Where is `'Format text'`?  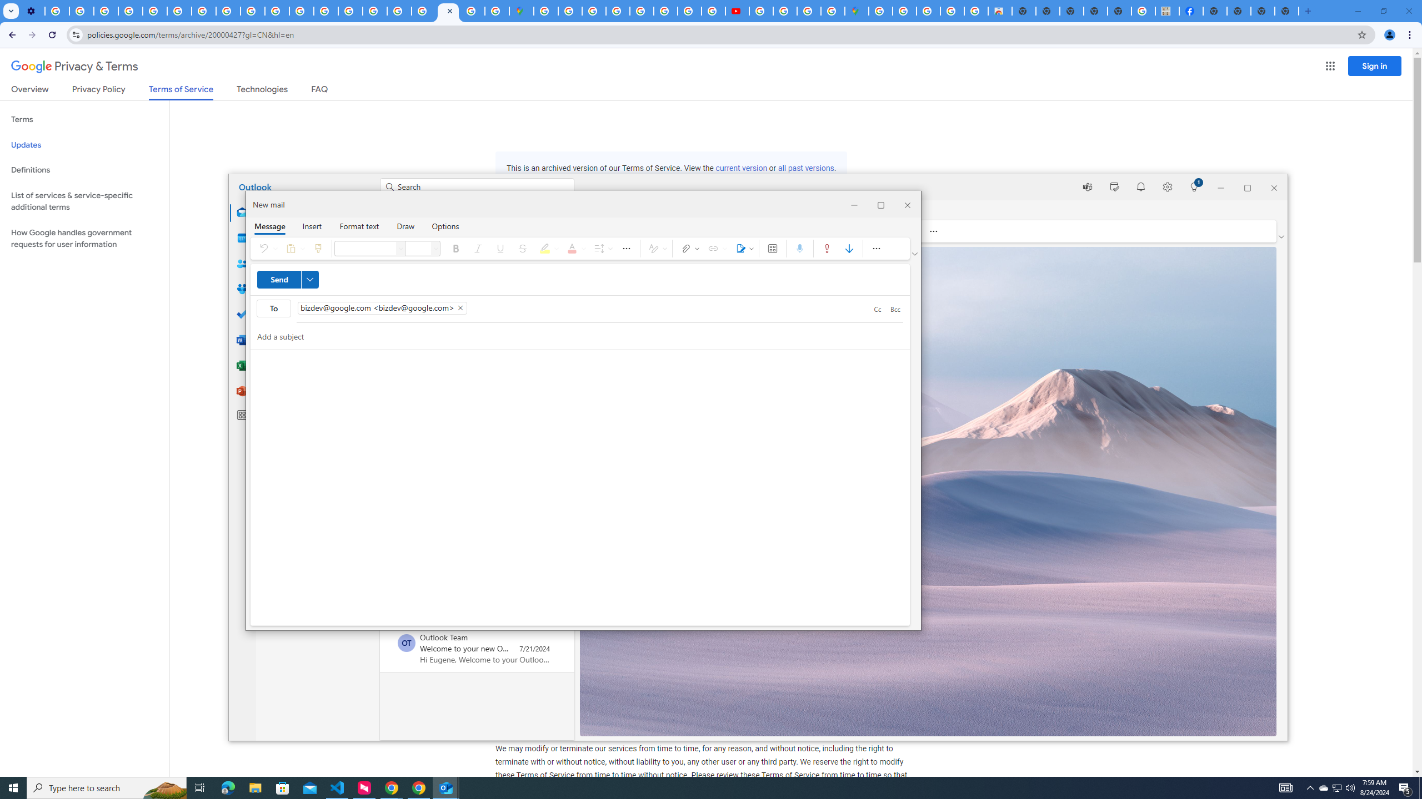 'Format text' is located at coordinates (359, 225).